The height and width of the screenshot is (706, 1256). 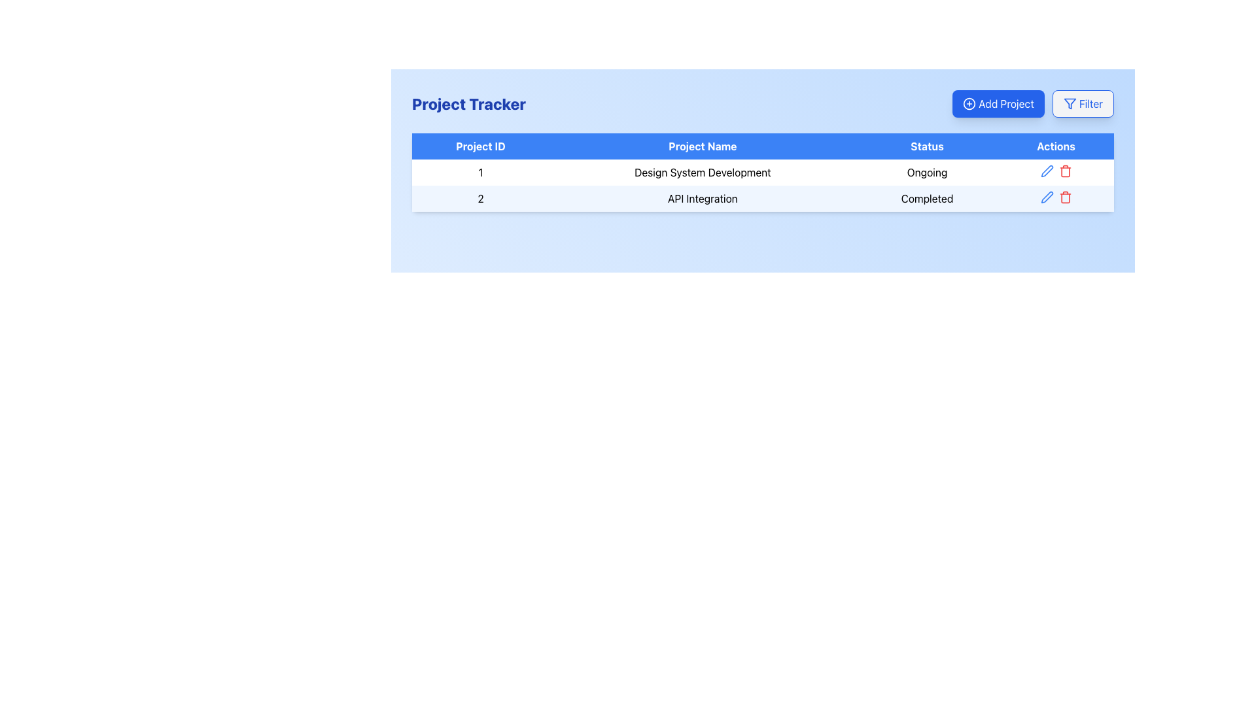 I want to click on the 'Add Project' button, which has a blue background, white text, and is located to the left of the 'Filter' button in the upper-right corner of the header group, so click(x=1032, y=103).